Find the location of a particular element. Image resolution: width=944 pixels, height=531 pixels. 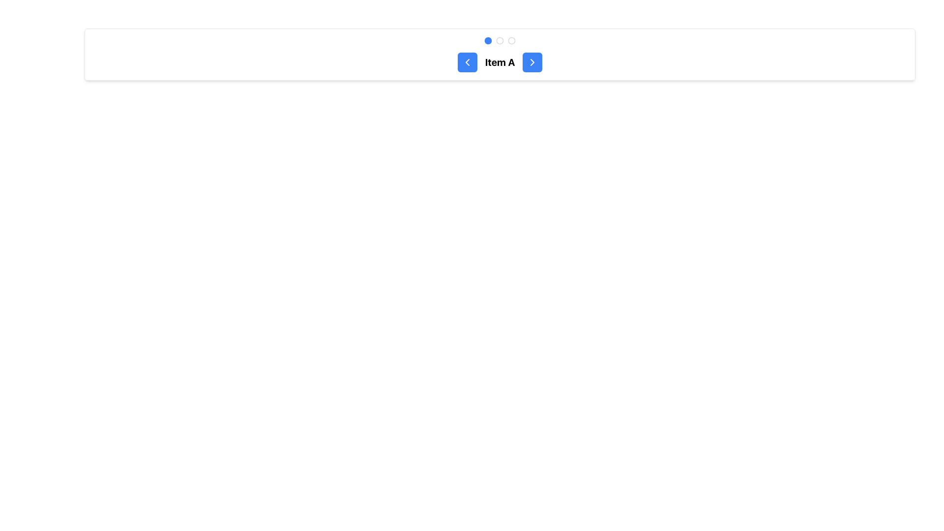

the second circle of the Navigation indicator located at the top center of 'Item A' is located at coordinates (500, 40).